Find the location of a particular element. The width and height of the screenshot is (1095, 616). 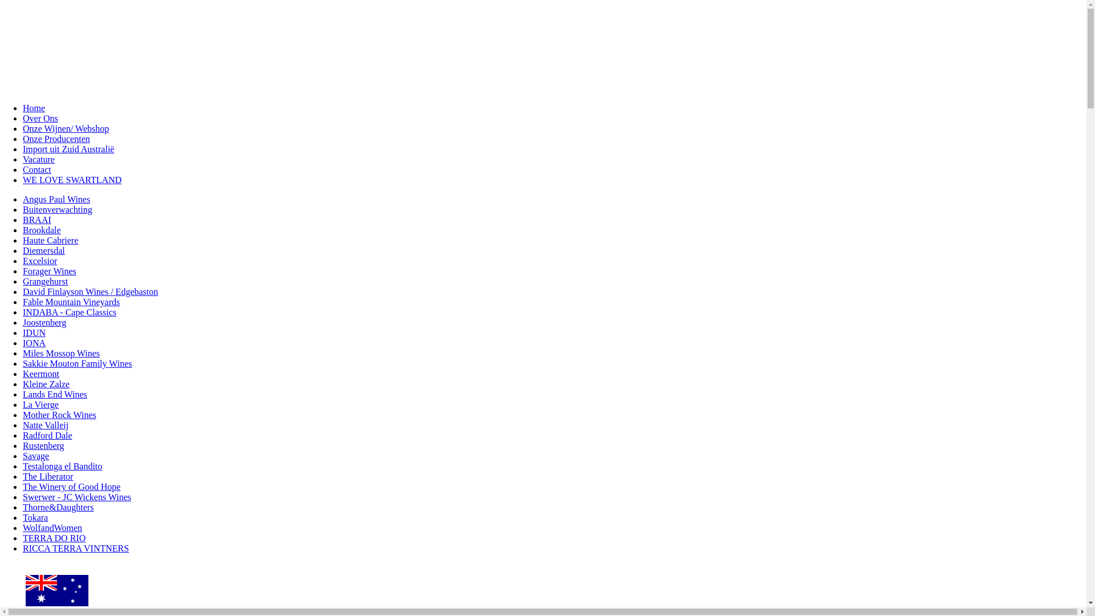

'The Liberator' is located at coordinates (47, 476).